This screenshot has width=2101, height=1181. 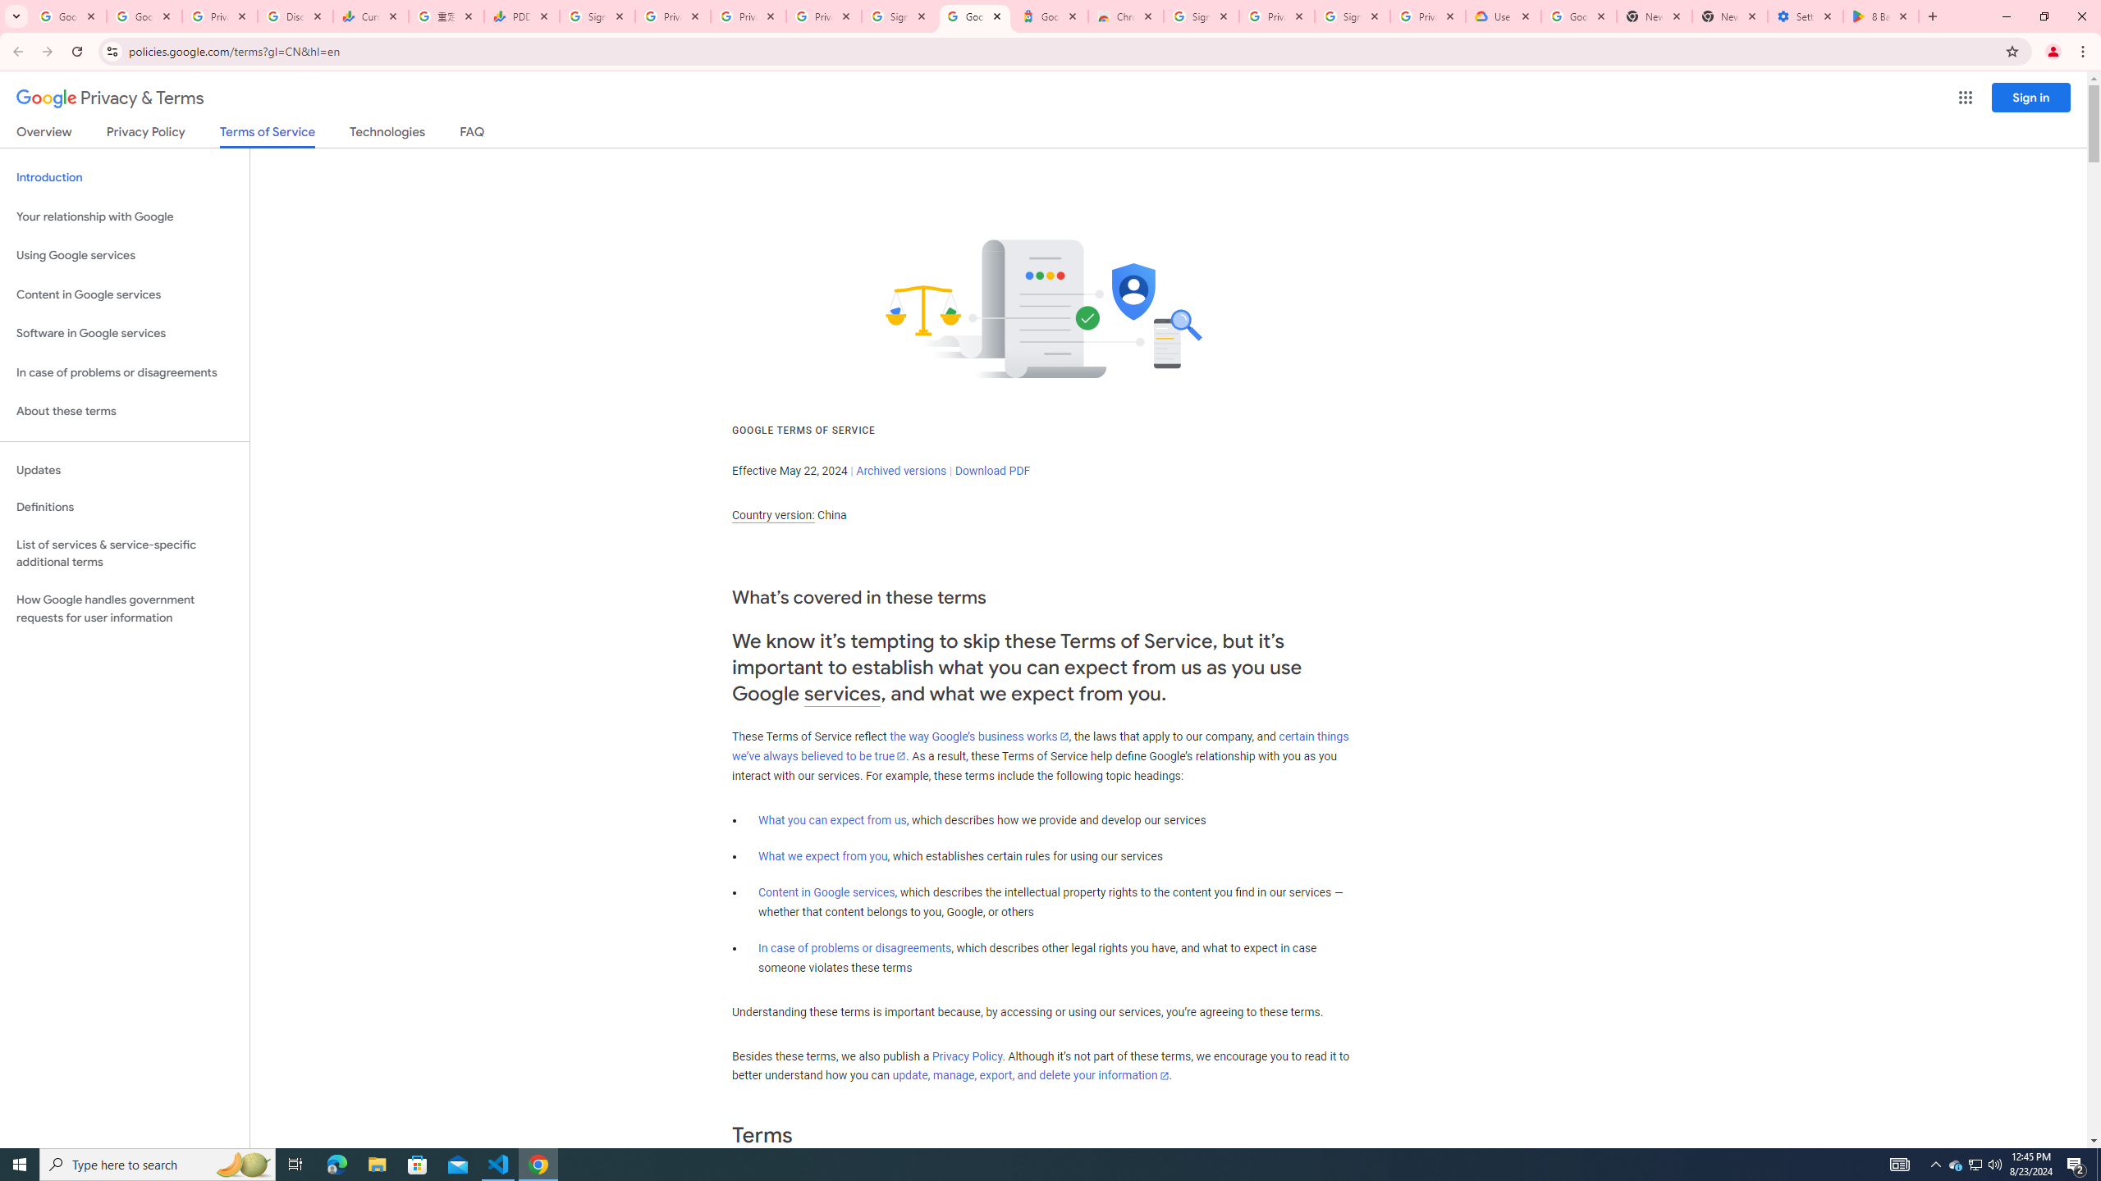 I want to click on 'Archived versions', so click(x=900, y=469).